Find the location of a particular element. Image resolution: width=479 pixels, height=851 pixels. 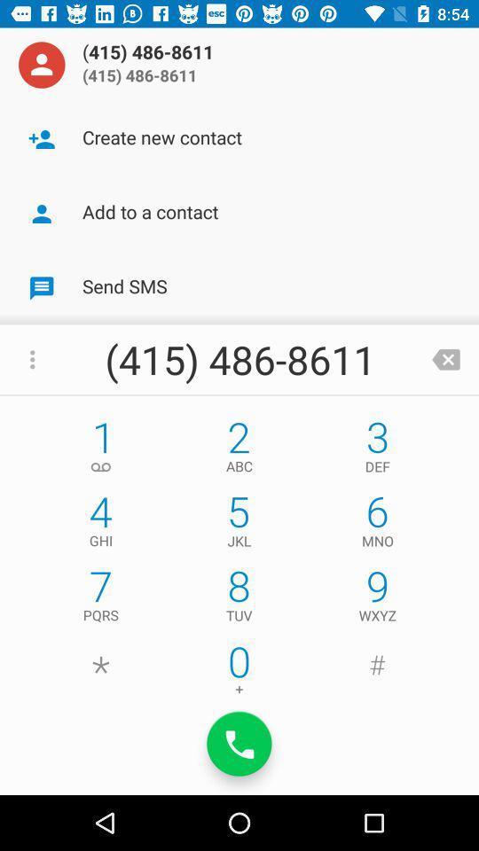

the icon next to the (415) 486-8611 icon is located at coordinates (445, 358).